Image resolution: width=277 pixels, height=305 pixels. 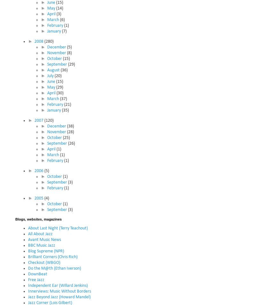 I want to click on 'About Last Night (Terry Teachout)', so click(x=58, y=228).